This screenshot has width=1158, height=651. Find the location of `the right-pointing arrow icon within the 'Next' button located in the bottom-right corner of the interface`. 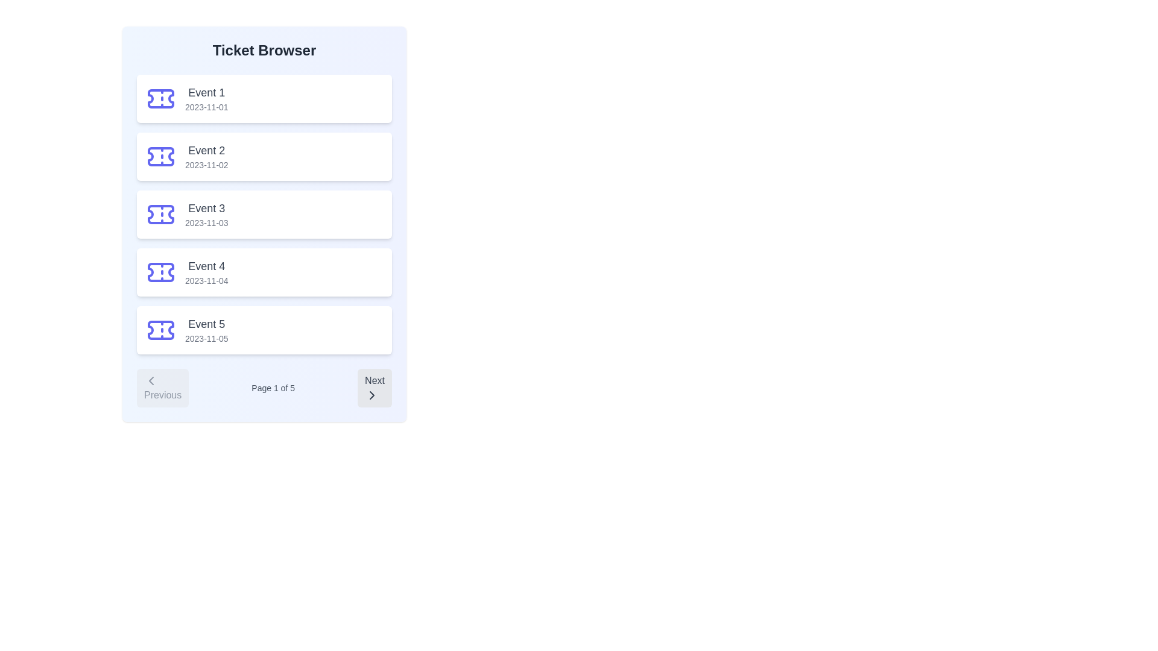

the right-pointing arrow icon within the 'Next' button located in the bottom-right corner of the interface is located at coordinates (372, 395).